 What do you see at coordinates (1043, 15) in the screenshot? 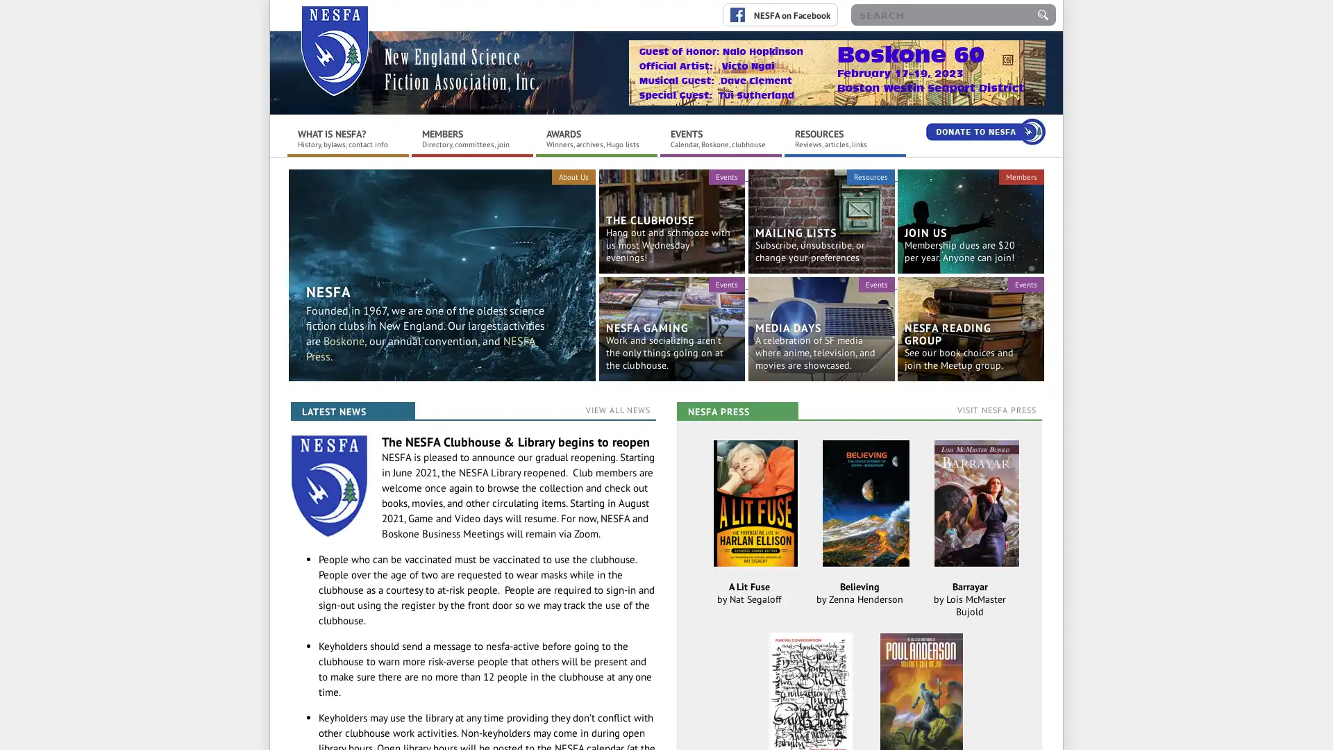
I see `submit` at bounding box center [1043, 15].